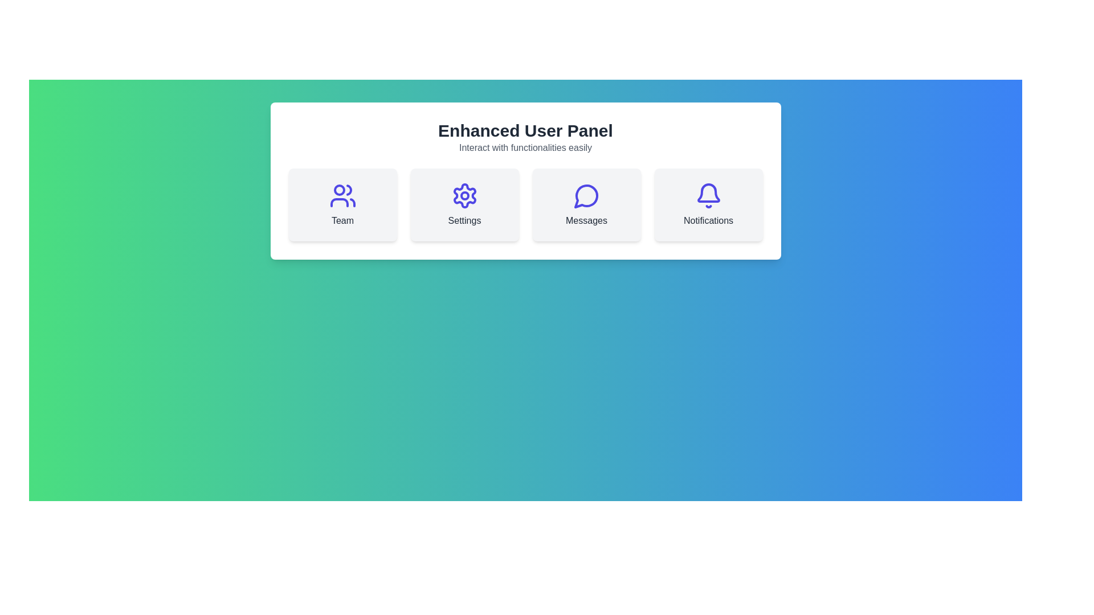 The height and width of the screenshot is (615, 1094). Describe the element at coordinates (464, 195) in the screenshot. I see `the settings icon located in the second card from the left in a group of four cards, positioned above the text label 'Settings'` at that location.